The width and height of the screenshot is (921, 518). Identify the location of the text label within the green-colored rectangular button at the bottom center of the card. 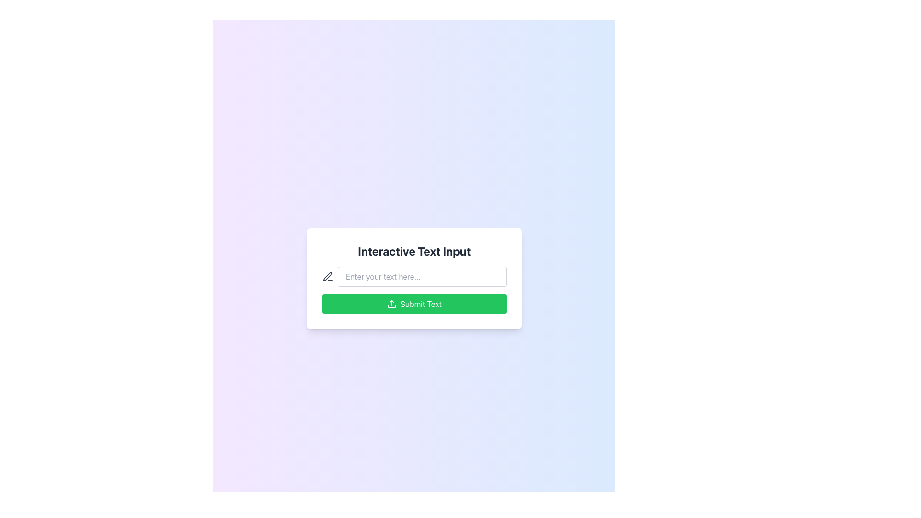
(421, 304).